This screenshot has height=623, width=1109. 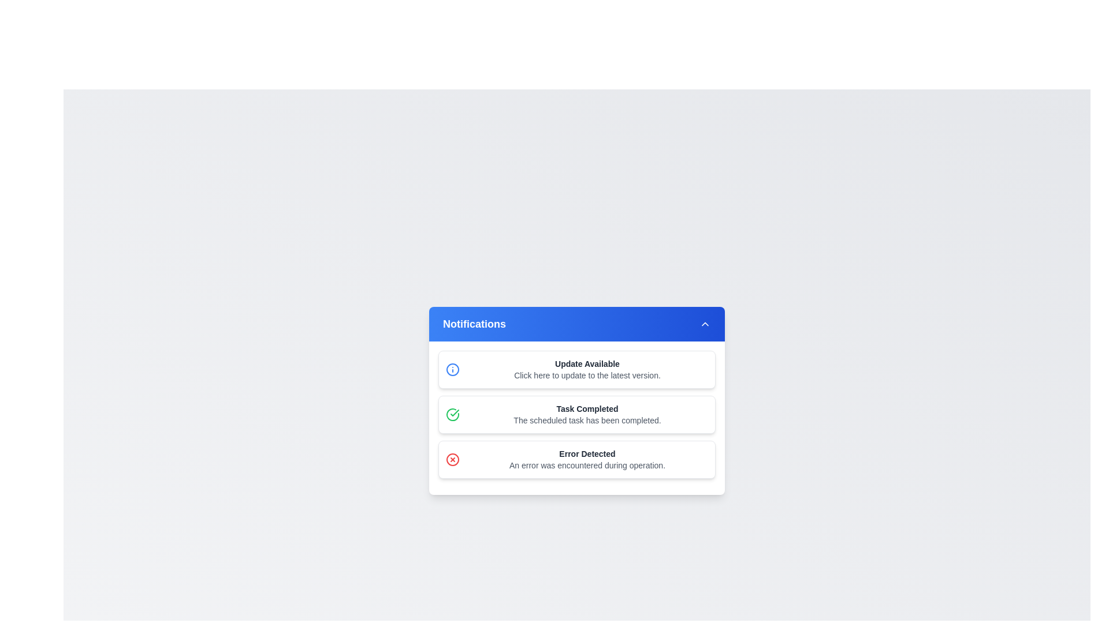 What do you see at coordinates (587, 414) in the screenshot?
I see `the static informational text block that conveys information about a completed task, located within the second notification card under 'Notifications'` at bounding box center [587, 414].